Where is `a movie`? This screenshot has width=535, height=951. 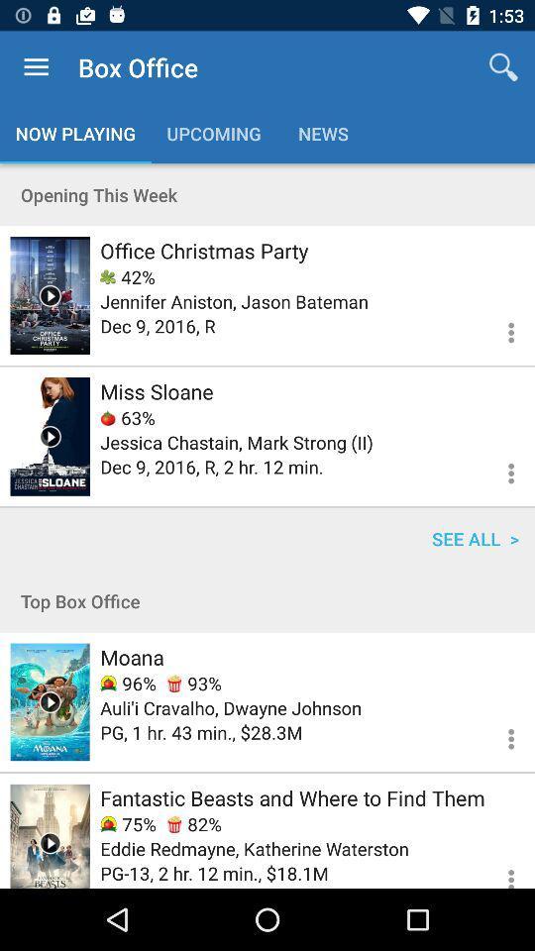 a movie is located at coordinates (50, 701).